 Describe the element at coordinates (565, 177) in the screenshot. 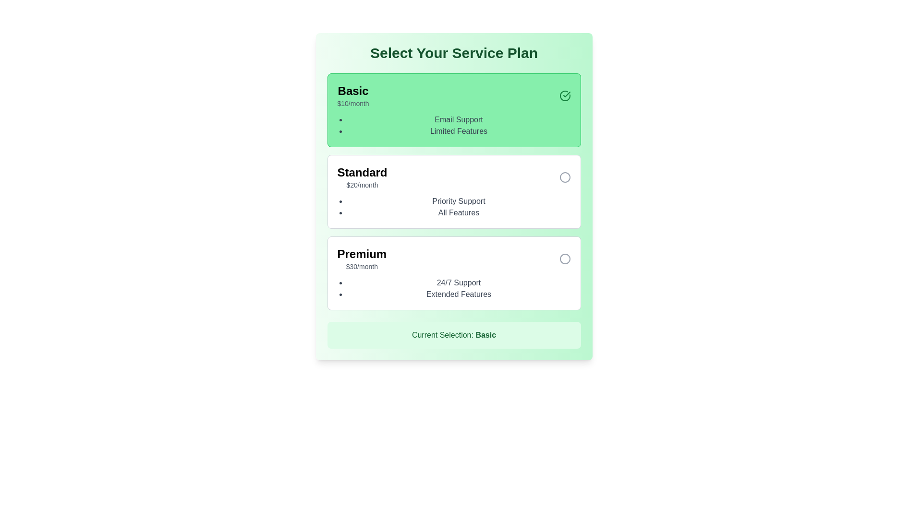

I see `the circular radio button outlined in gray, located on the far-right side of the section labeled 'Standard $20/month'` at that location.